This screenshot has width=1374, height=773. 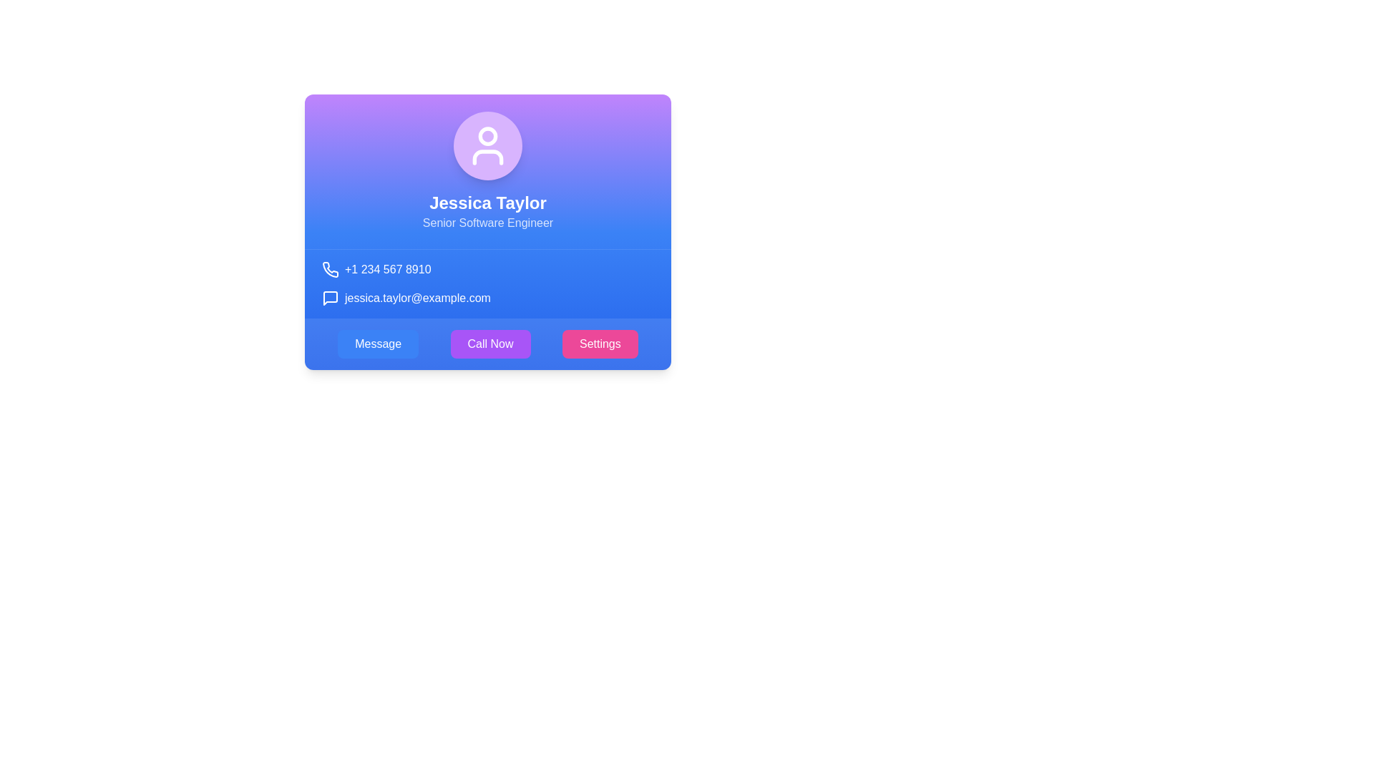 I want to click on the phone icon, which is a line icon with a curved receiver, located to the left of the phone number '+1 234 567 8910' in the contact information section of the card, so click(x=330, y=269).